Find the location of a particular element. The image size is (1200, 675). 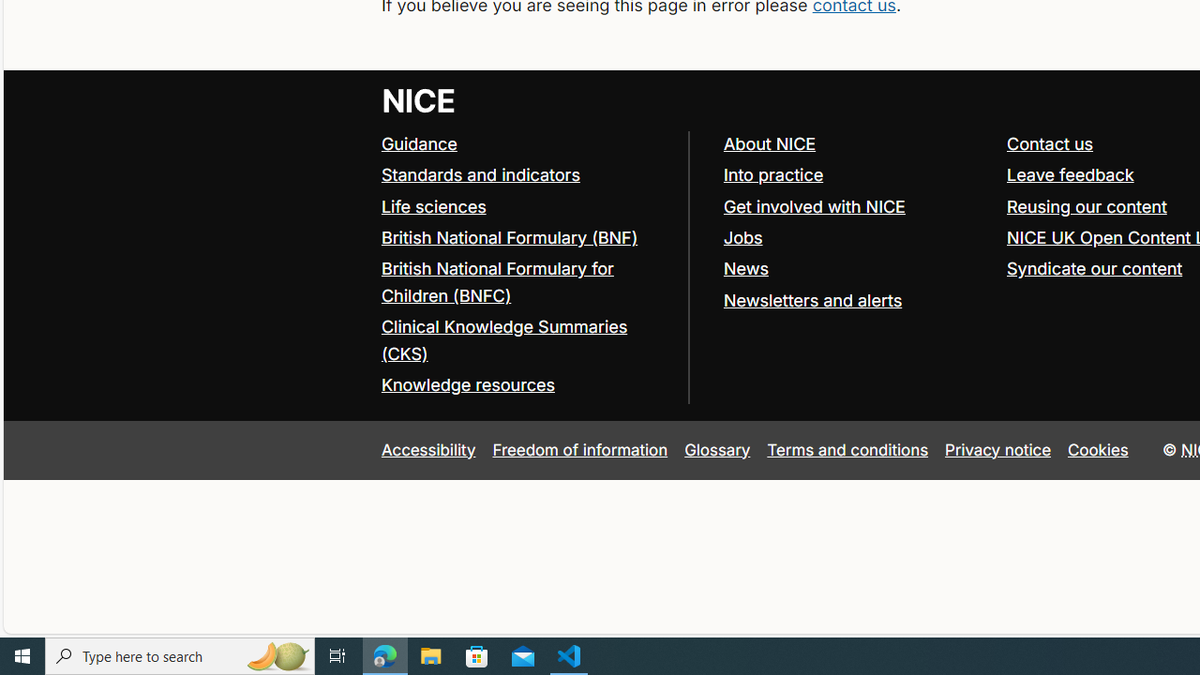

'Privacy notice' is located at coordinates (997, 449).